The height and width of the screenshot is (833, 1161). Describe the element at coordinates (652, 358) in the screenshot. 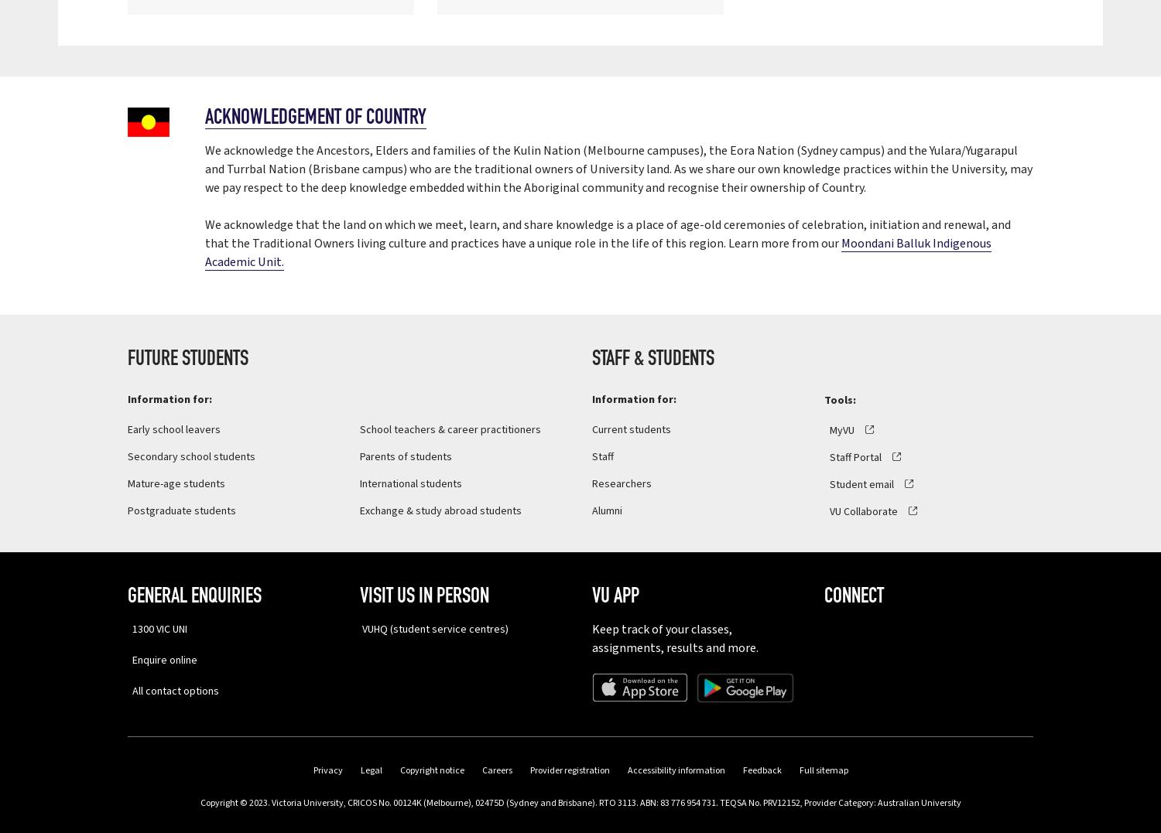

I see `'Staff & students'` at that location.